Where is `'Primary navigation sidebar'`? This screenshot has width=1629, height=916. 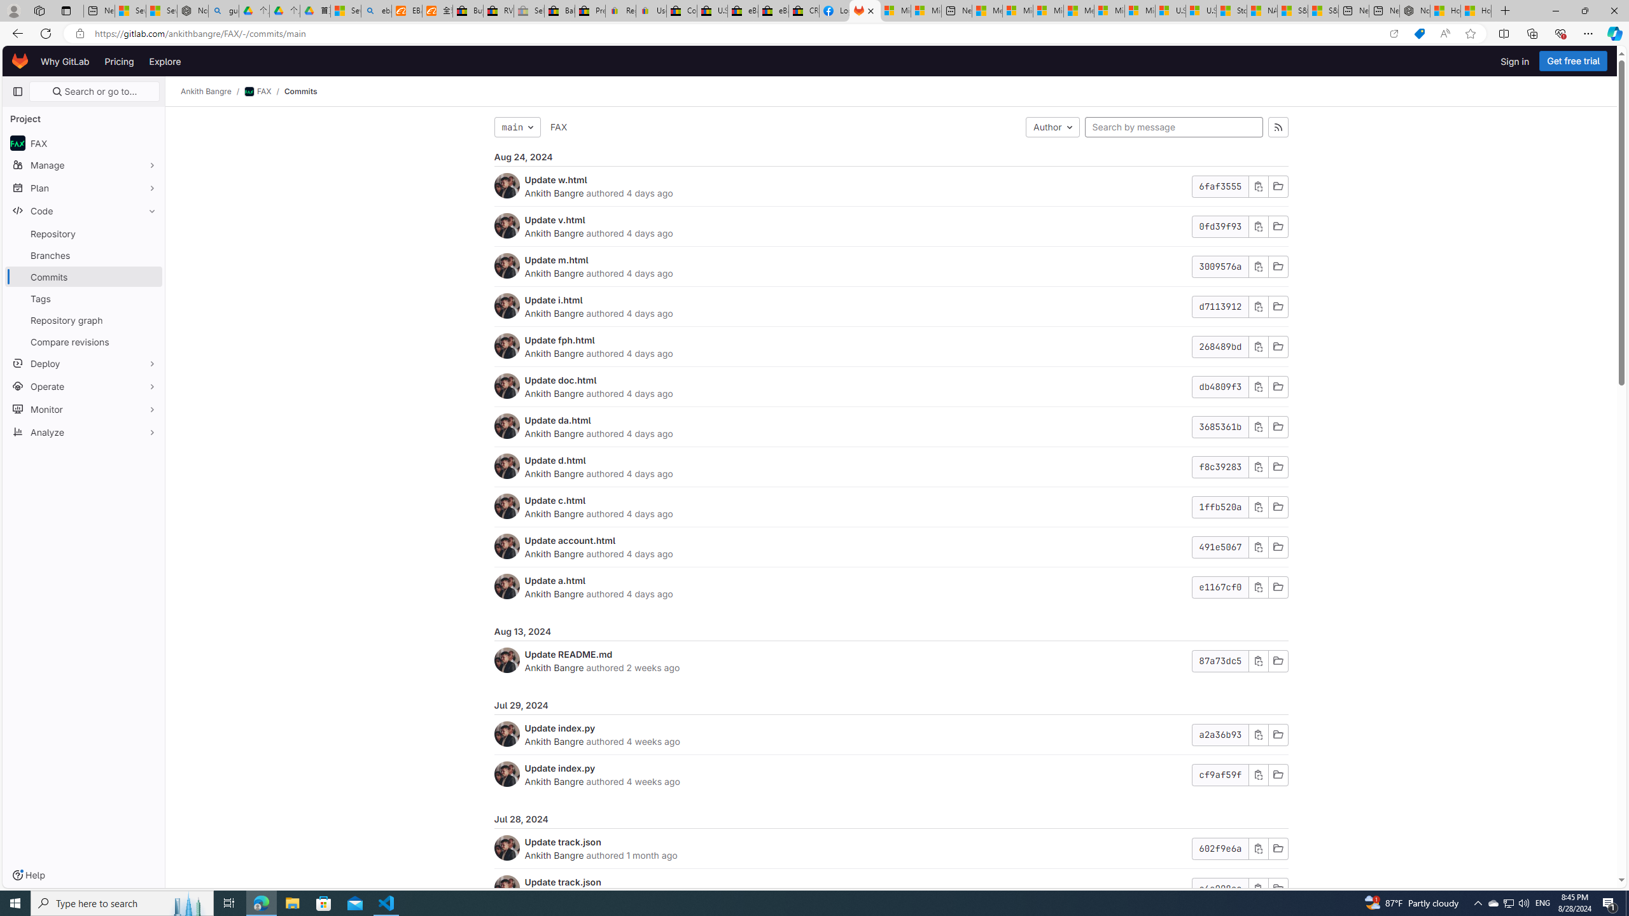
'Primary navigation sidebar' is located at coordinates (18, 91).